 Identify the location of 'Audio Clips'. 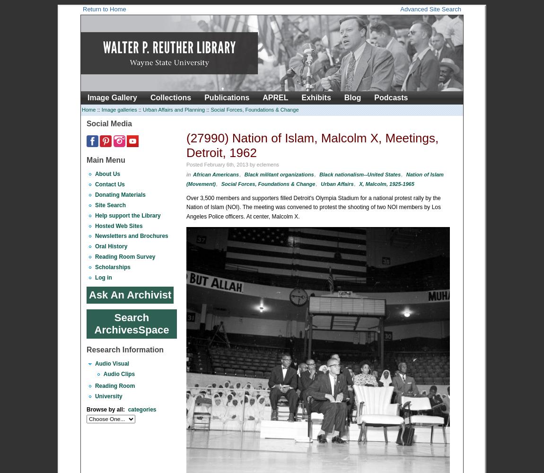
(118, 374).